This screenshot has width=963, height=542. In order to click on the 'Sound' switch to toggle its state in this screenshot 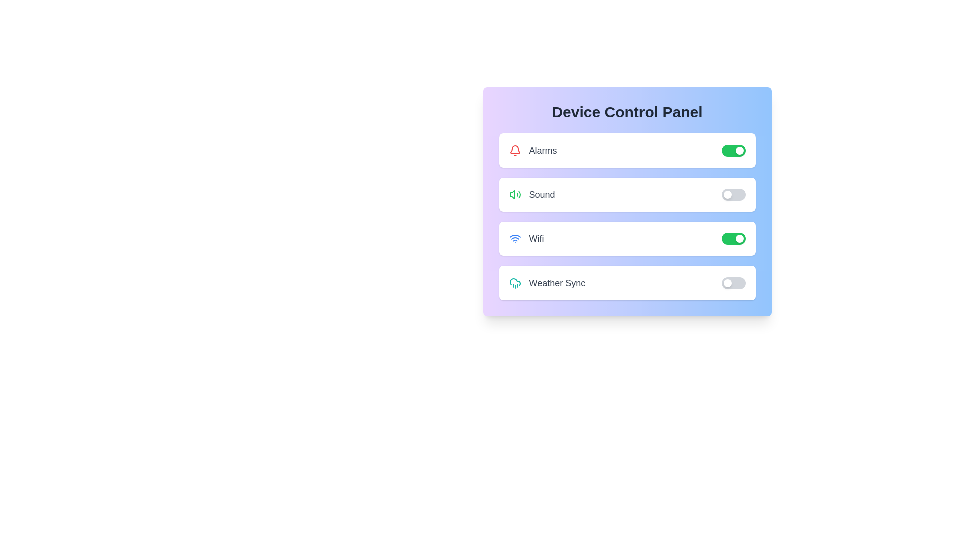, I will do `click(733, 195)`.